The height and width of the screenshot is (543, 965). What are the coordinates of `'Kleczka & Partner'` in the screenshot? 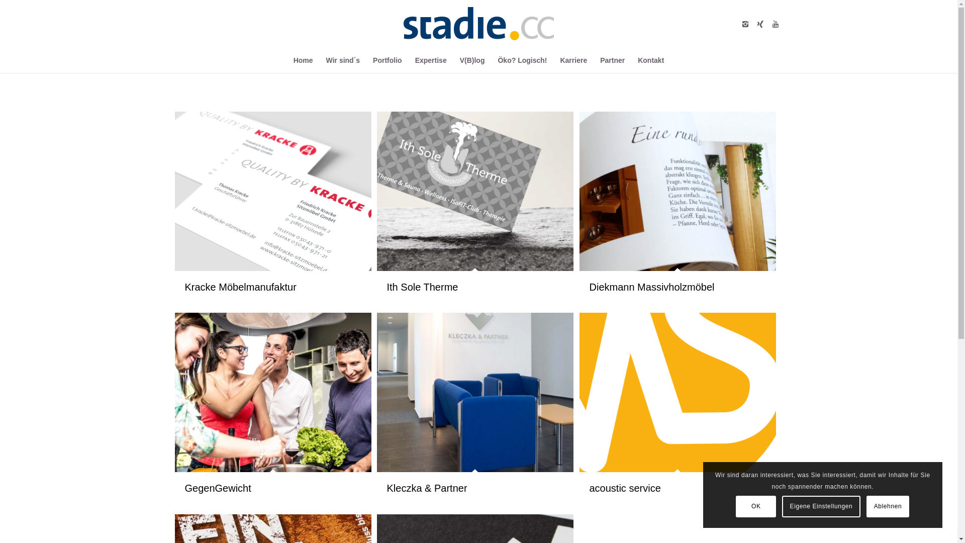 It's located at (474, 392).